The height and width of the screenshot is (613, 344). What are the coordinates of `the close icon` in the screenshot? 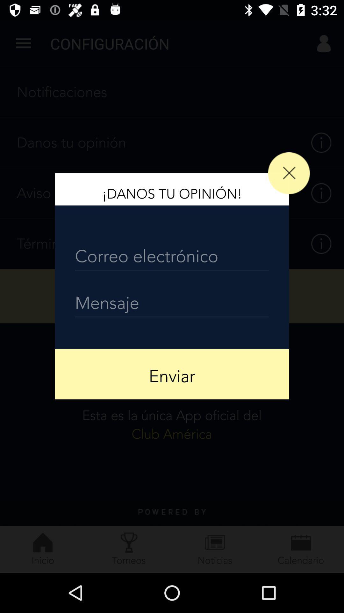 It's located at (289, 173).